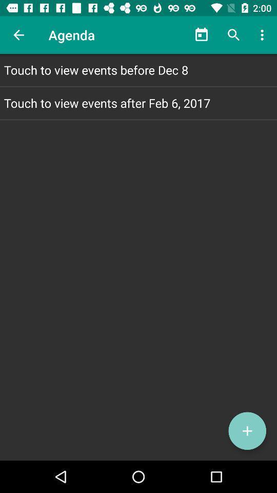 Image resolution: width=277 pixels, height=493 pixels. Describe the element at coordinates (202, 35) in the screenshot. I see `the icon to the right of the agenda icon` at that location.